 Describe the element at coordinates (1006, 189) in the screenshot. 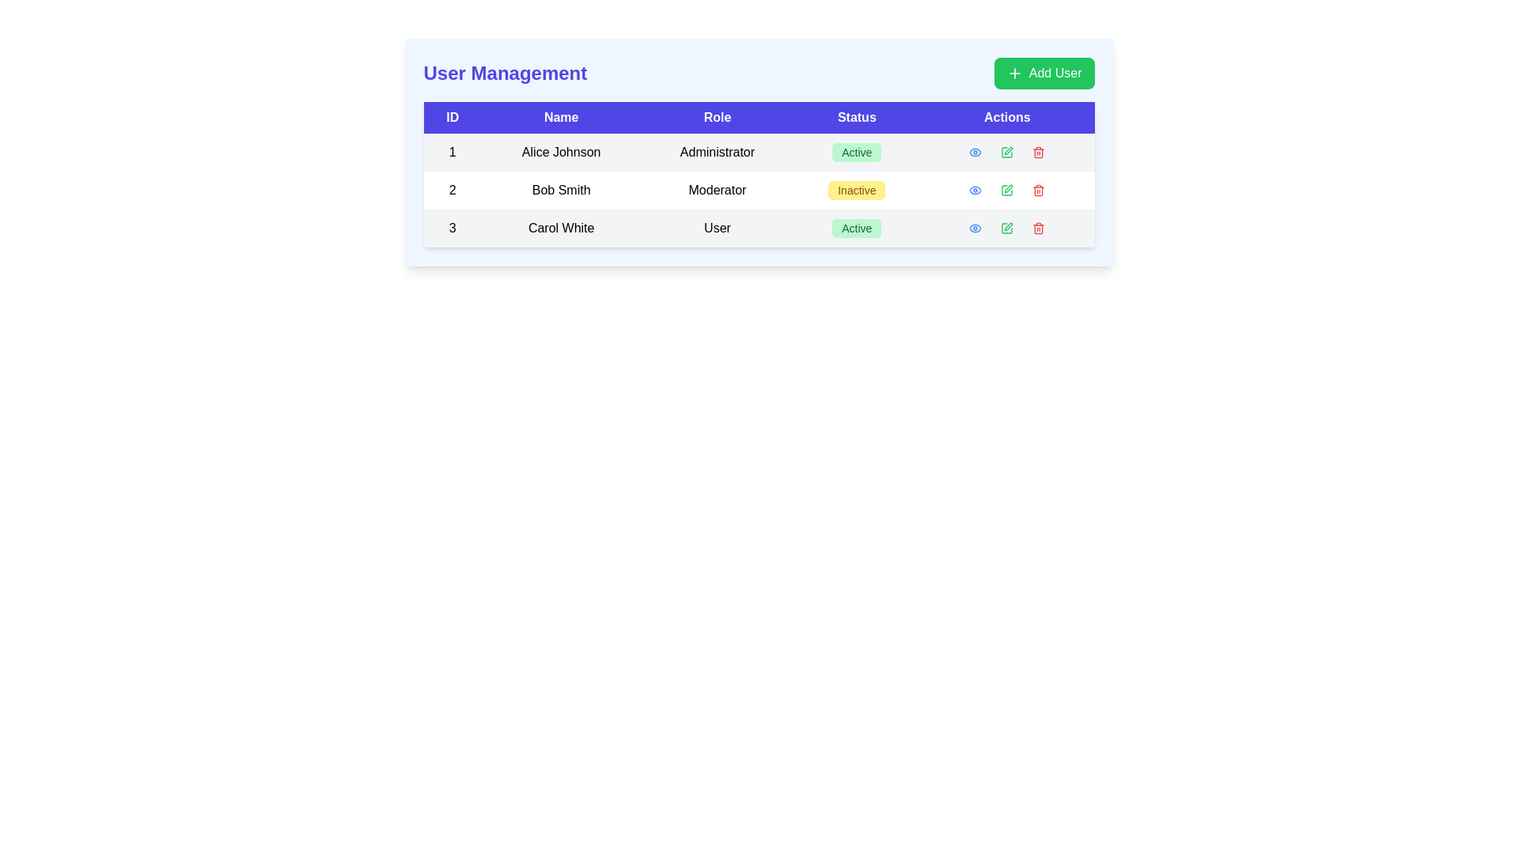

I see `the green edit button icon in the 'Actions' column of the second row in the 'User Management' table, corresponding to 'Bob Smith'` at that location.